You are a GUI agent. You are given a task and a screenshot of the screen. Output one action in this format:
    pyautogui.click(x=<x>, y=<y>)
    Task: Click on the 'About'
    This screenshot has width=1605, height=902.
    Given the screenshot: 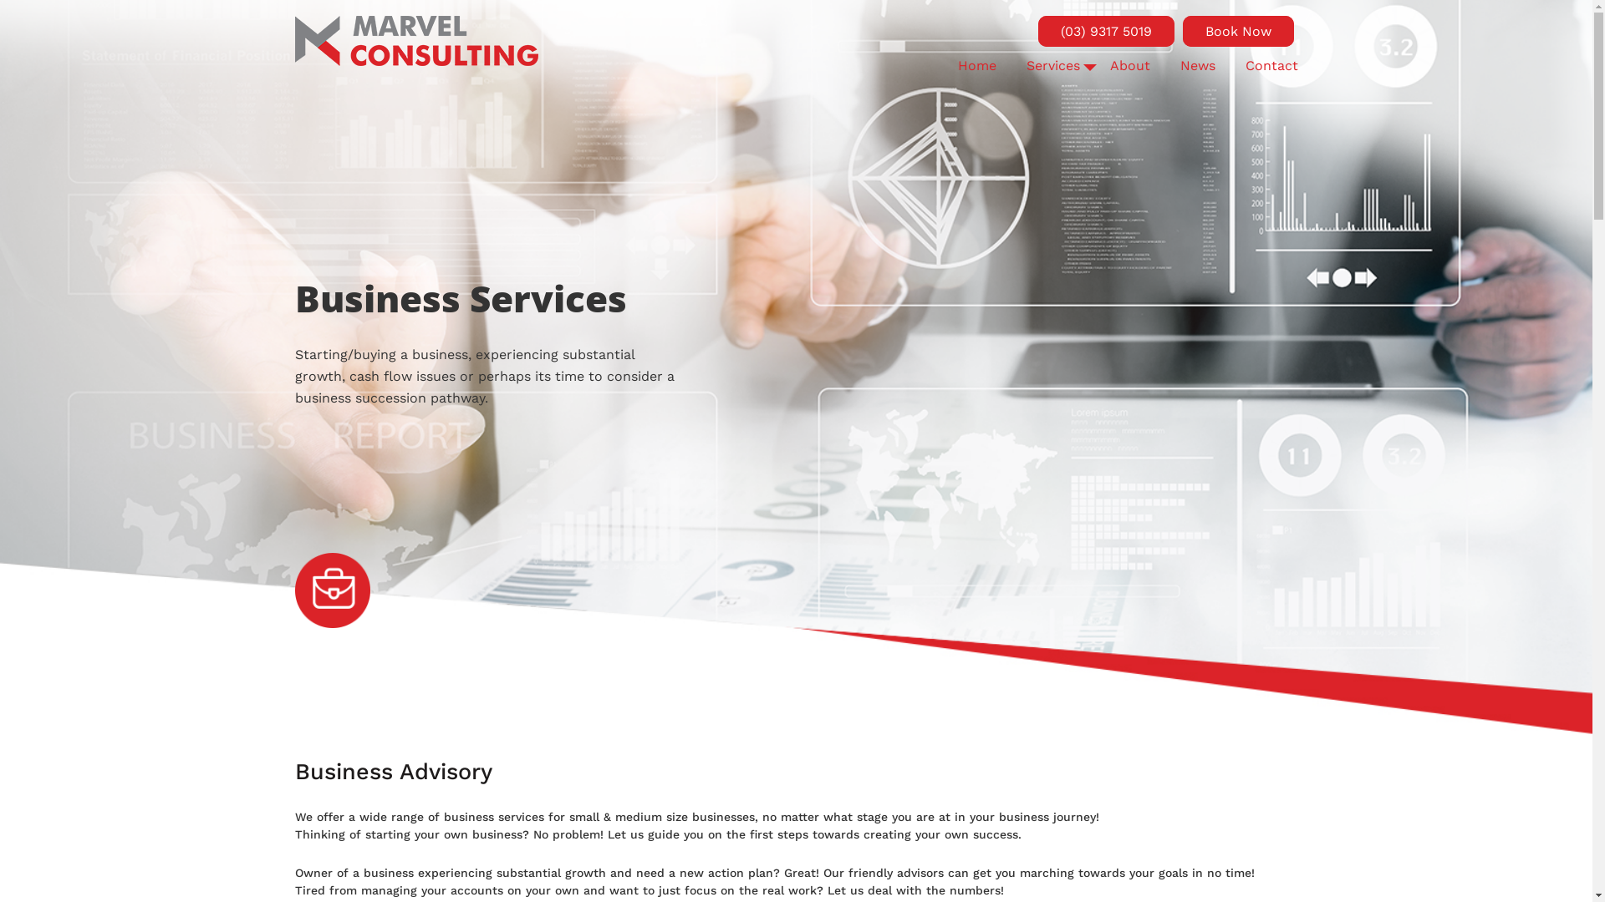 What is the action you would take?
    pyautogui.click(x=1110, y=64)
    